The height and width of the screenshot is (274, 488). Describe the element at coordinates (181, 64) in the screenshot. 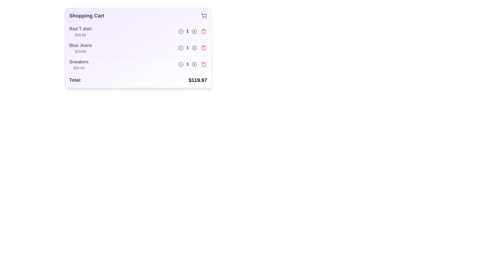

I see `the decrement button for the 'Sneakers' item in the shopping cart` at that location.